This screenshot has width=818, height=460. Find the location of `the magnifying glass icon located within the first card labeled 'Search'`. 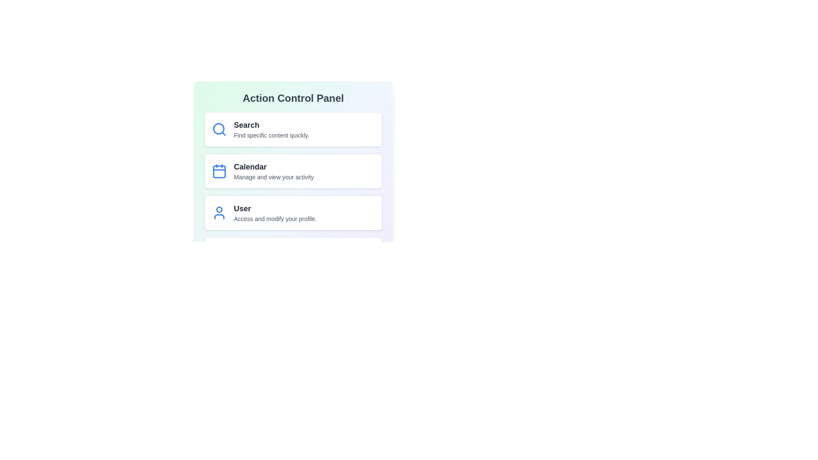

the magnifying glass icon located within the first card labeled 'Search' is located at coordinates (219, 129).